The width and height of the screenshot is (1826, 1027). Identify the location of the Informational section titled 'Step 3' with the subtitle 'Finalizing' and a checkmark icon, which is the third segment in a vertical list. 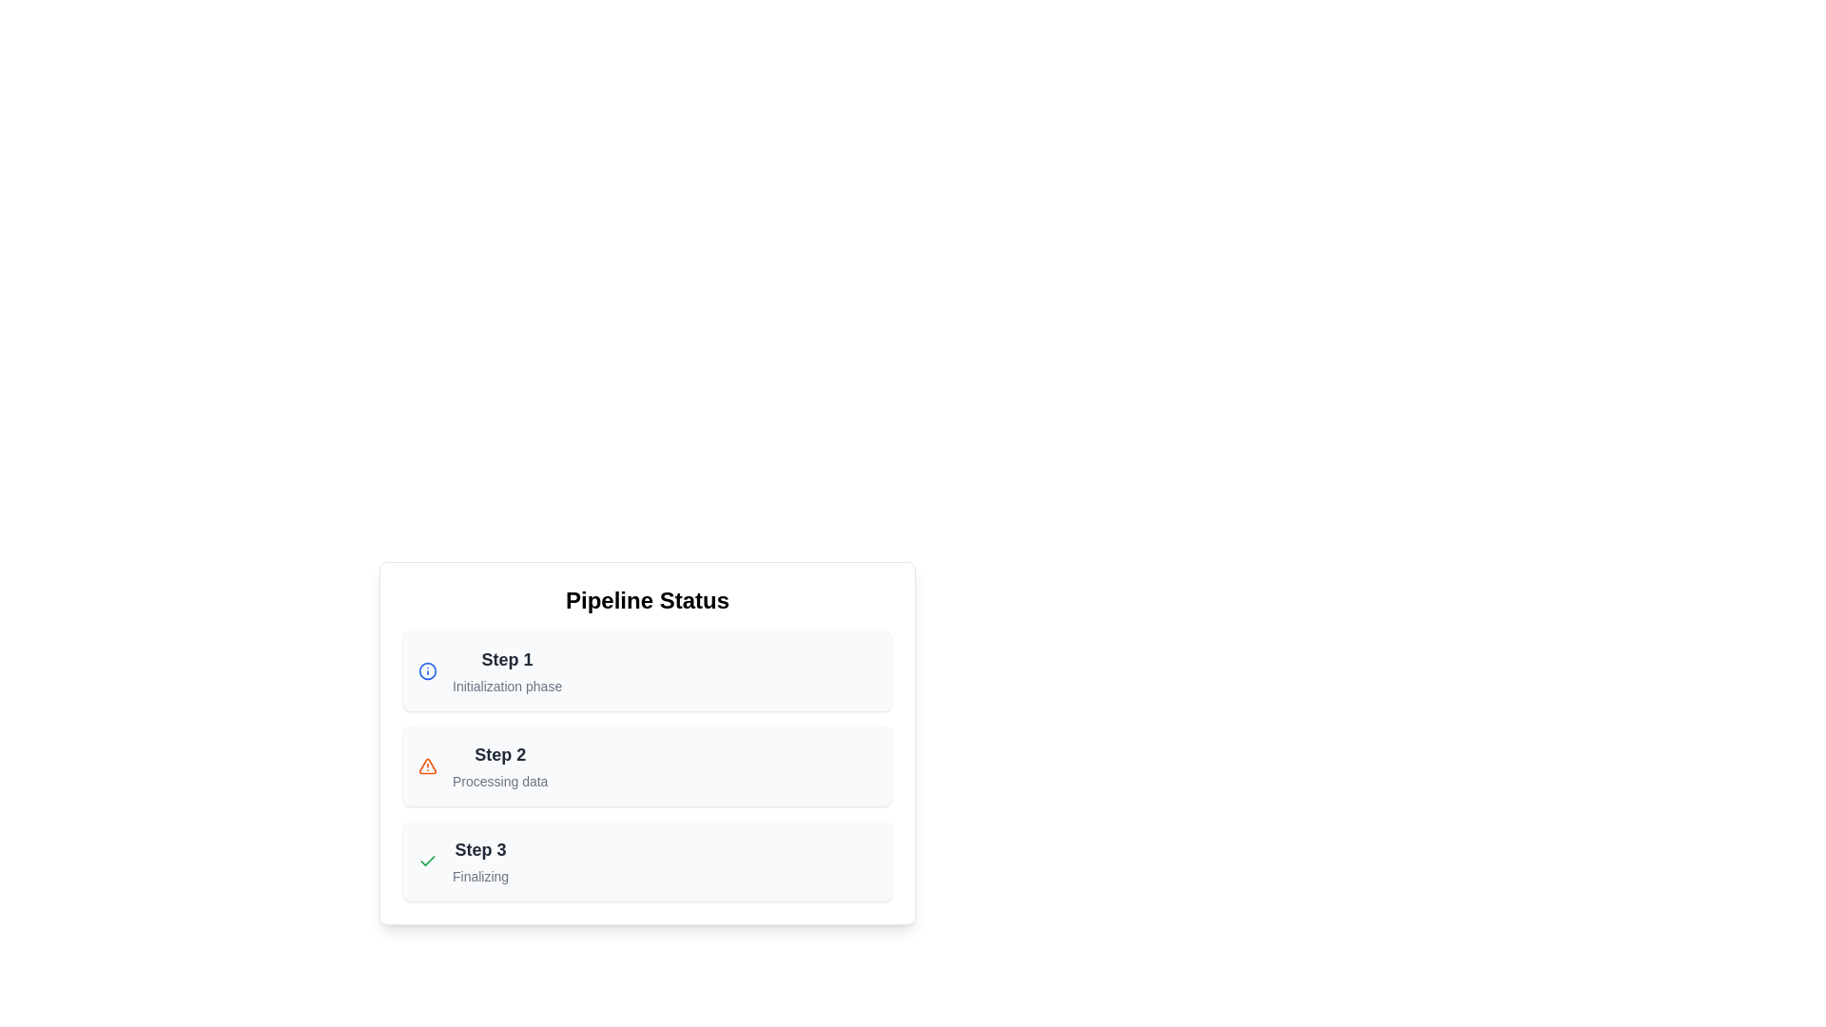
(648, 862).